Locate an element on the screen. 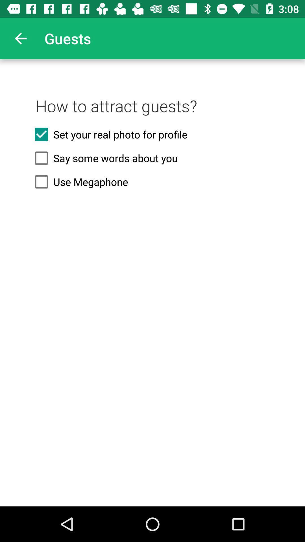  the set your real icon is located at coordinates (152, 134).